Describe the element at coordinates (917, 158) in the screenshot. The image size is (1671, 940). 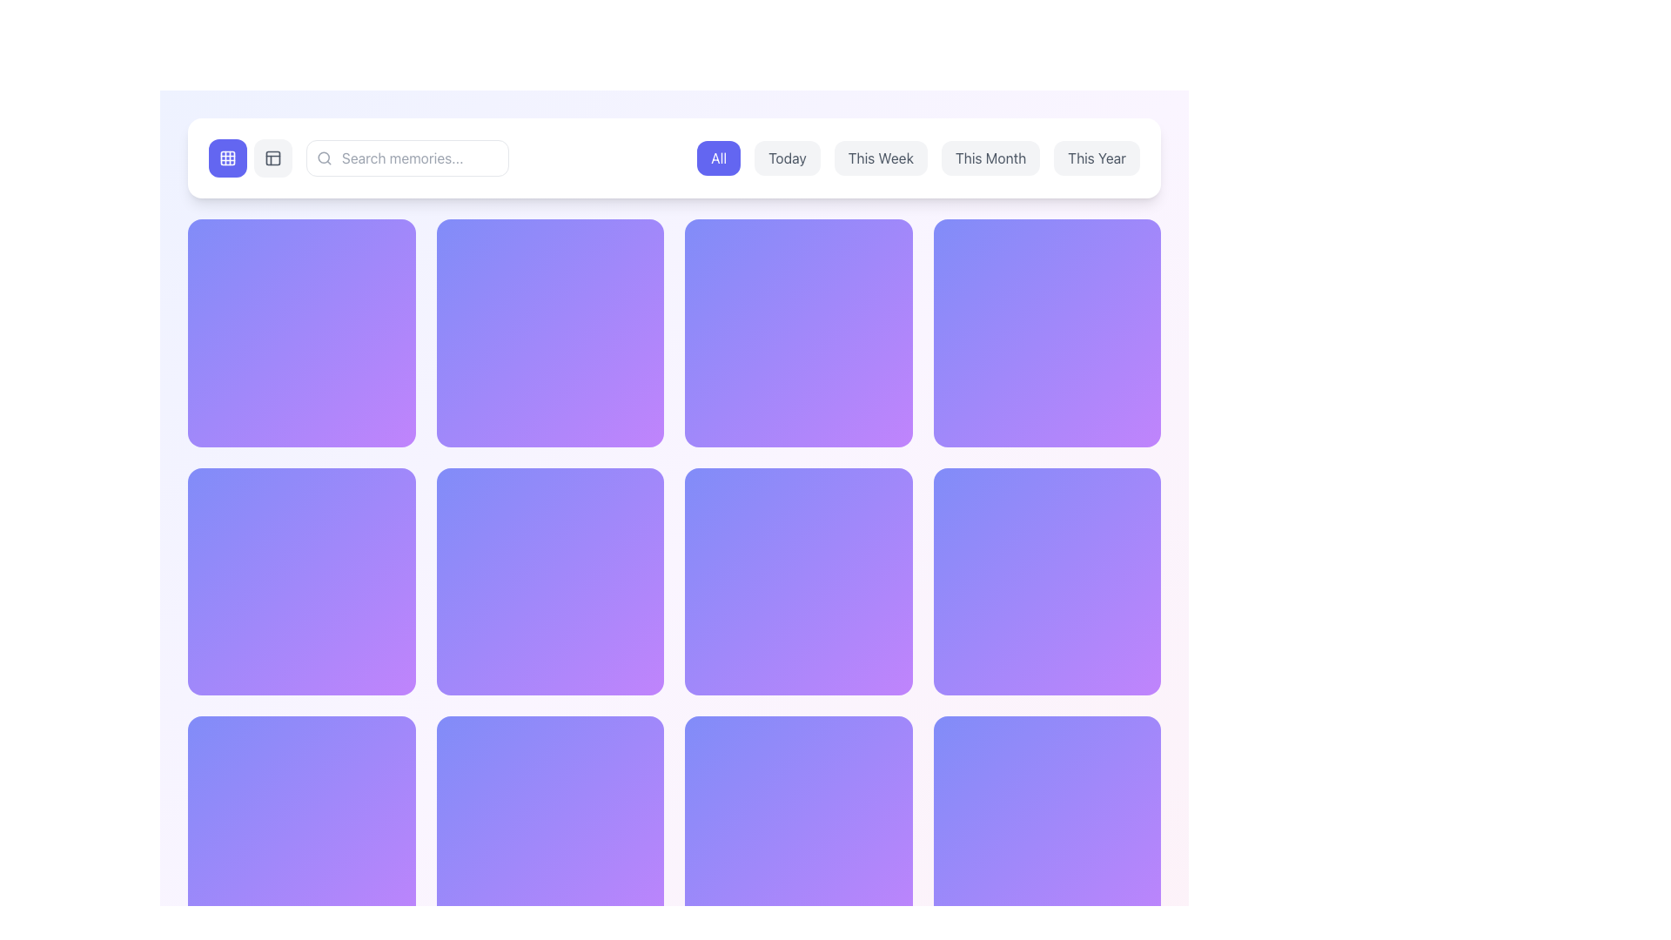
I see `the third button in the horizontally aligned button group at the top of the interface to filter content based on the selected timeframe` at that location.